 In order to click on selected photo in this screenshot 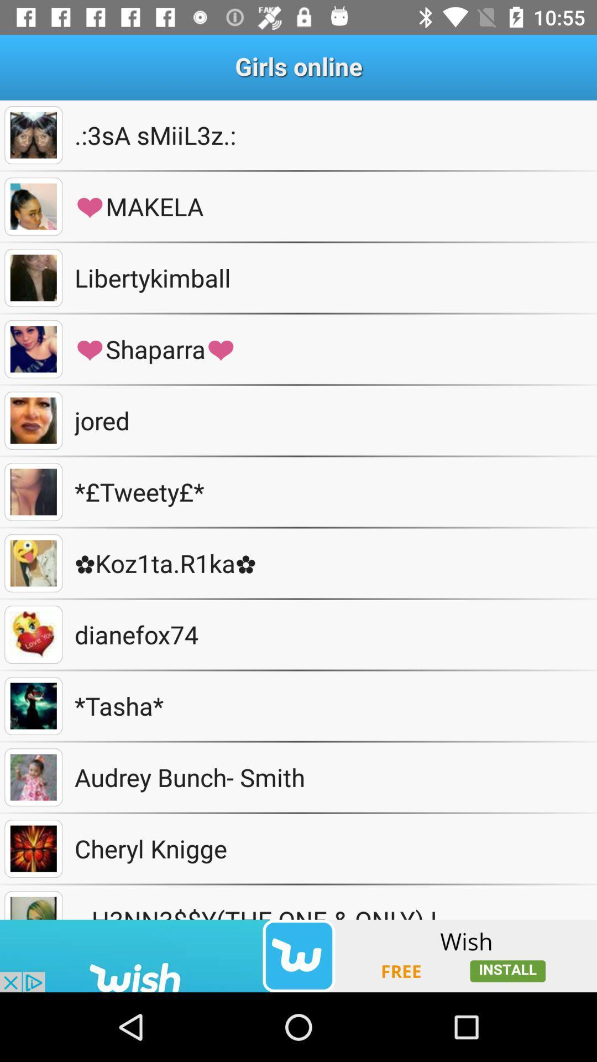, I will do `click(33, 278)`.